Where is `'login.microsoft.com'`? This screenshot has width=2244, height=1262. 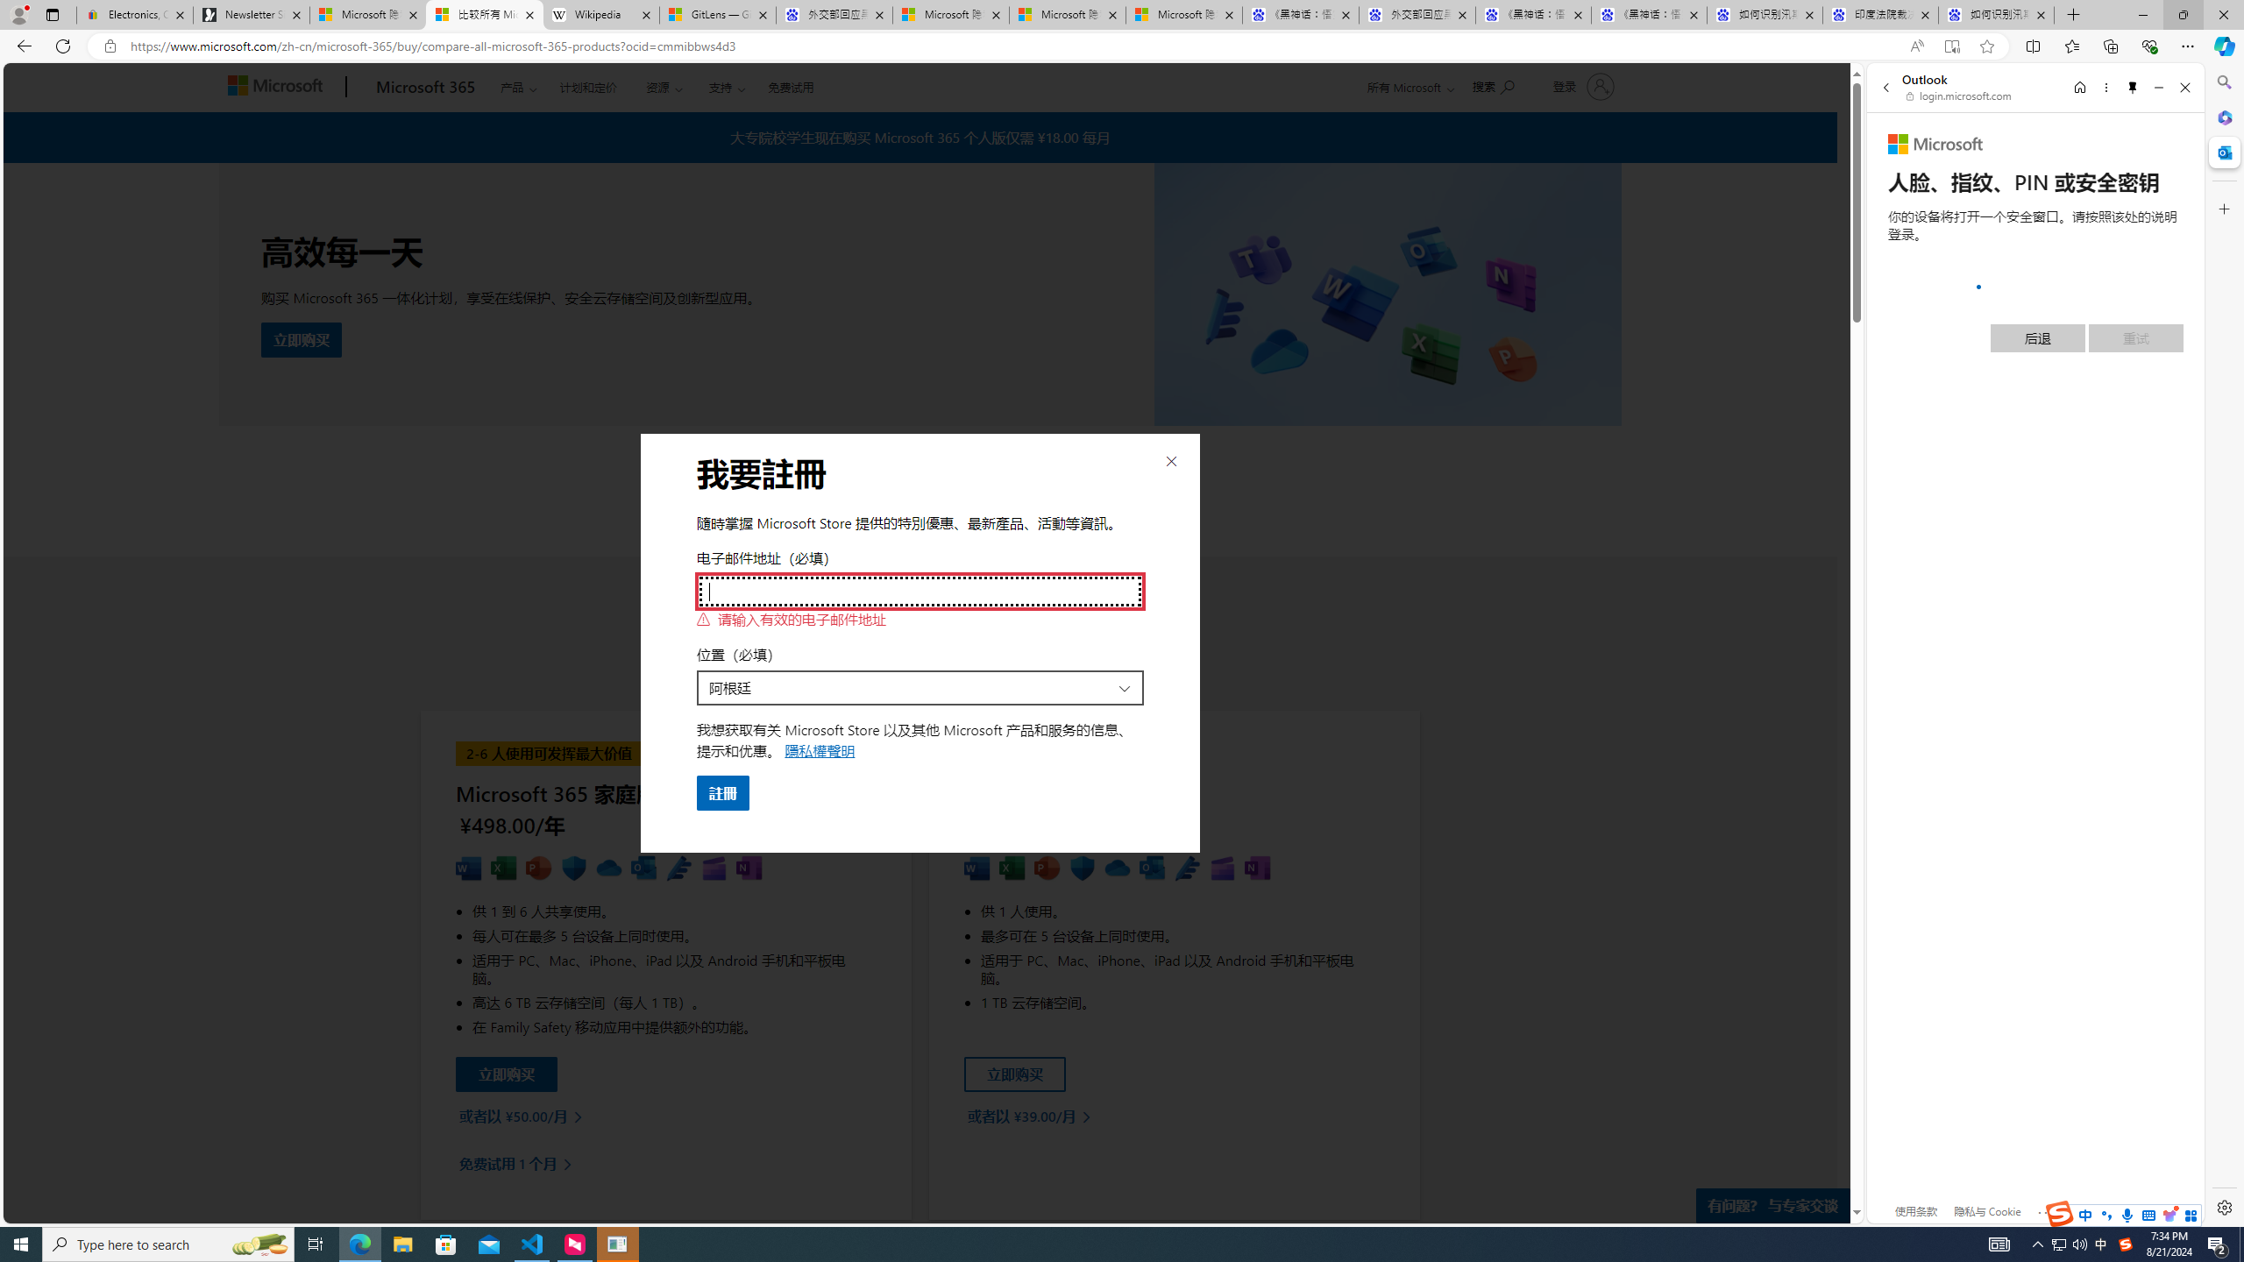 'login.microsoft.com' is located at coordinates (1959, 95).